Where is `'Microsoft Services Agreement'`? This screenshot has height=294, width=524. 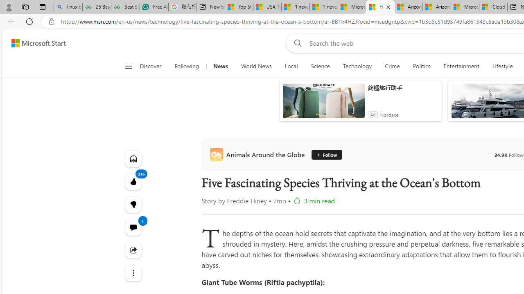 'Microsoft Services Agreement' is located at coordinates (465, 7).